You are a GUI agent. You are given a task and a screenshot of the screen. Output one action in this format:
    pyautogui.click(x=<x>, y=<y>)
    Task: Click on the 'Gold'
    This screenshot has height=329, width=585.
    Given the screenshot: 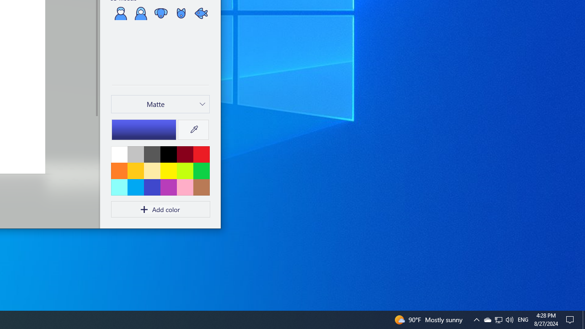 What is the action you would take?
    pyautogui.click(x=135, y=170)
    